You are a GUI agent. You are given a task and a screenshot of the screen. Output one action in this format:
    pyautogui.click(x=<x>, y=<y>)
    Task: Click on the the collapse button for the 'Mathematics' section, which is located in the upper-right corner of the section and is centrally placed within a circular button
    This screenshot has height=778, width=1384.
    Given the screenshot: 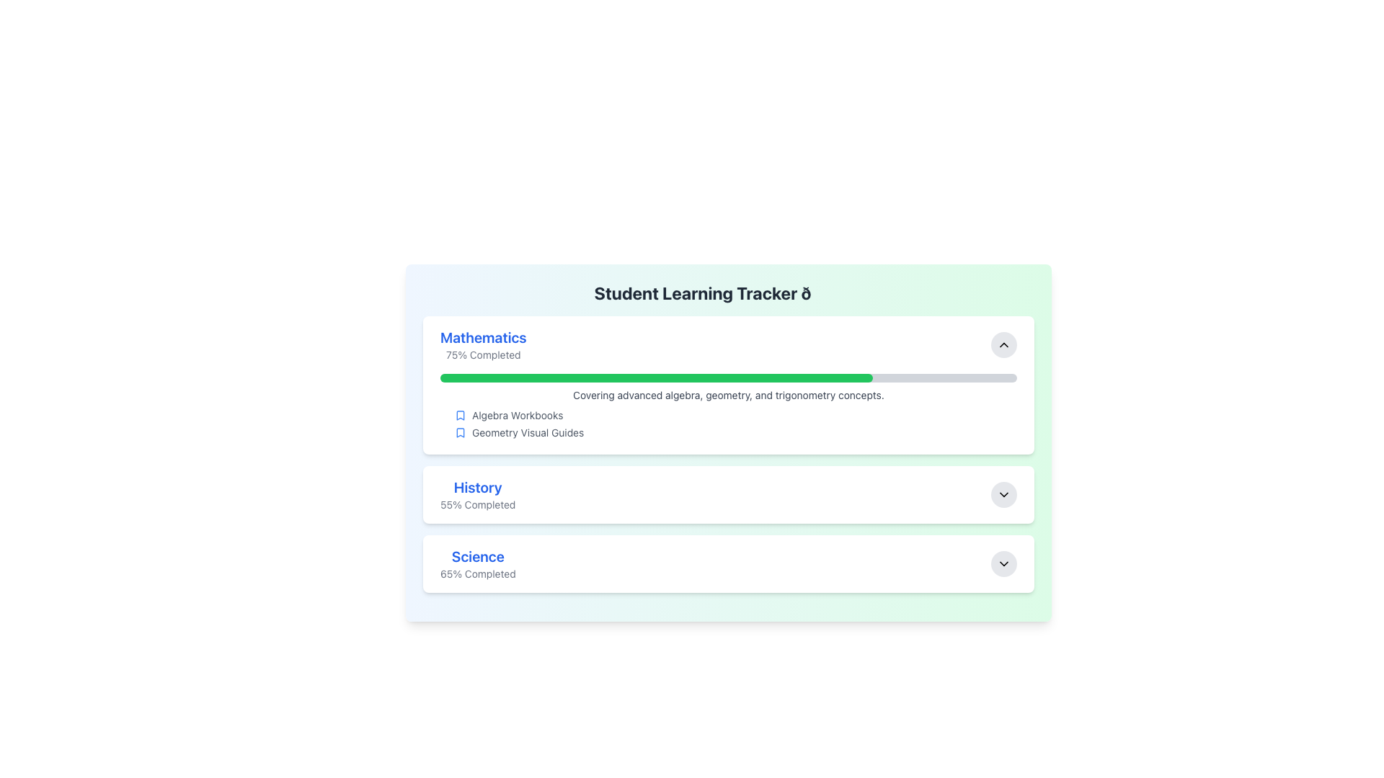 What is the action you would take?
    pyautogui.click(x=1003, y=344)
    